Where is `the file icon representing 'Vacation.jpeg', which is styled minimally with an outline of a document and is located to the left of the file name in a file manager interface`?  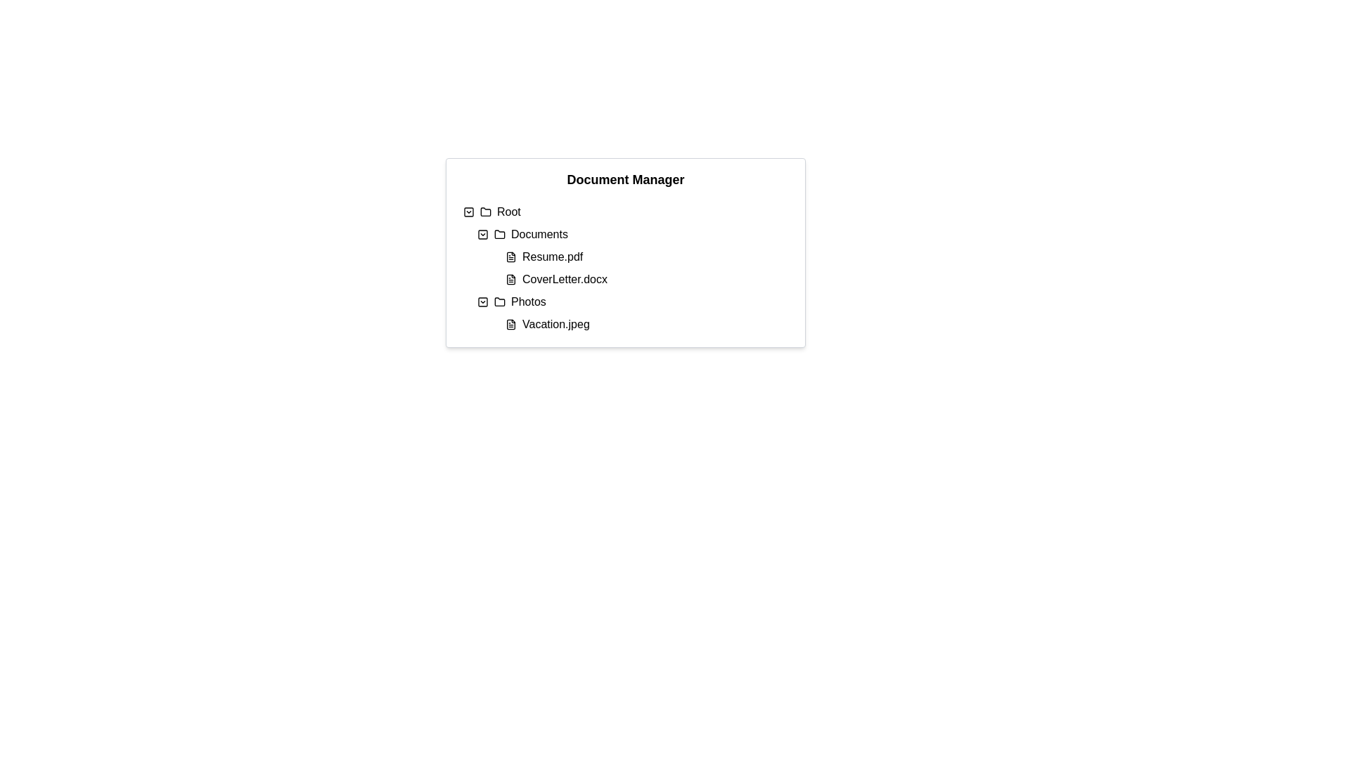
the file icon representing 'Vacation.jpeg', which is styled minimally with an outline of a document and is located to the left of the file name in a file manager interface is located at coordinates (510, 325).